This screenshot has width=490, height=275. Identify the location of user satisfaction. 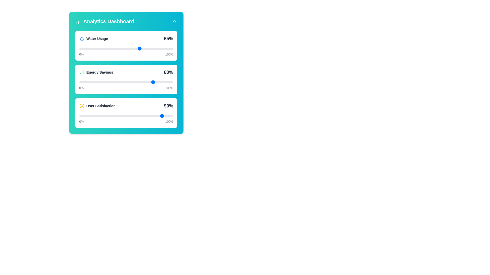
(91, 116).